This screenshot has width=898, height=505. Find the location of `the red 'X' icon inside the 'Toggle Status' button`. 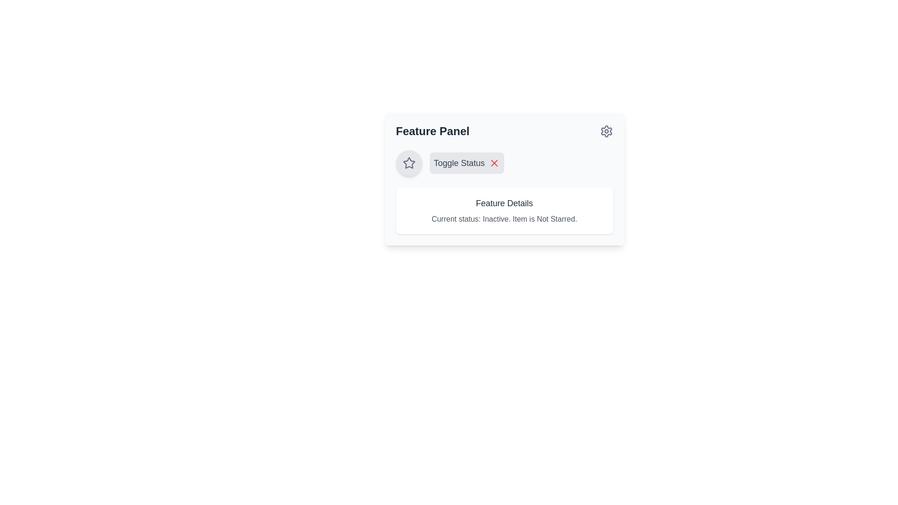

the red 'X' icon inside the 'Toggle Status' button is located at coordinates (493, 162).